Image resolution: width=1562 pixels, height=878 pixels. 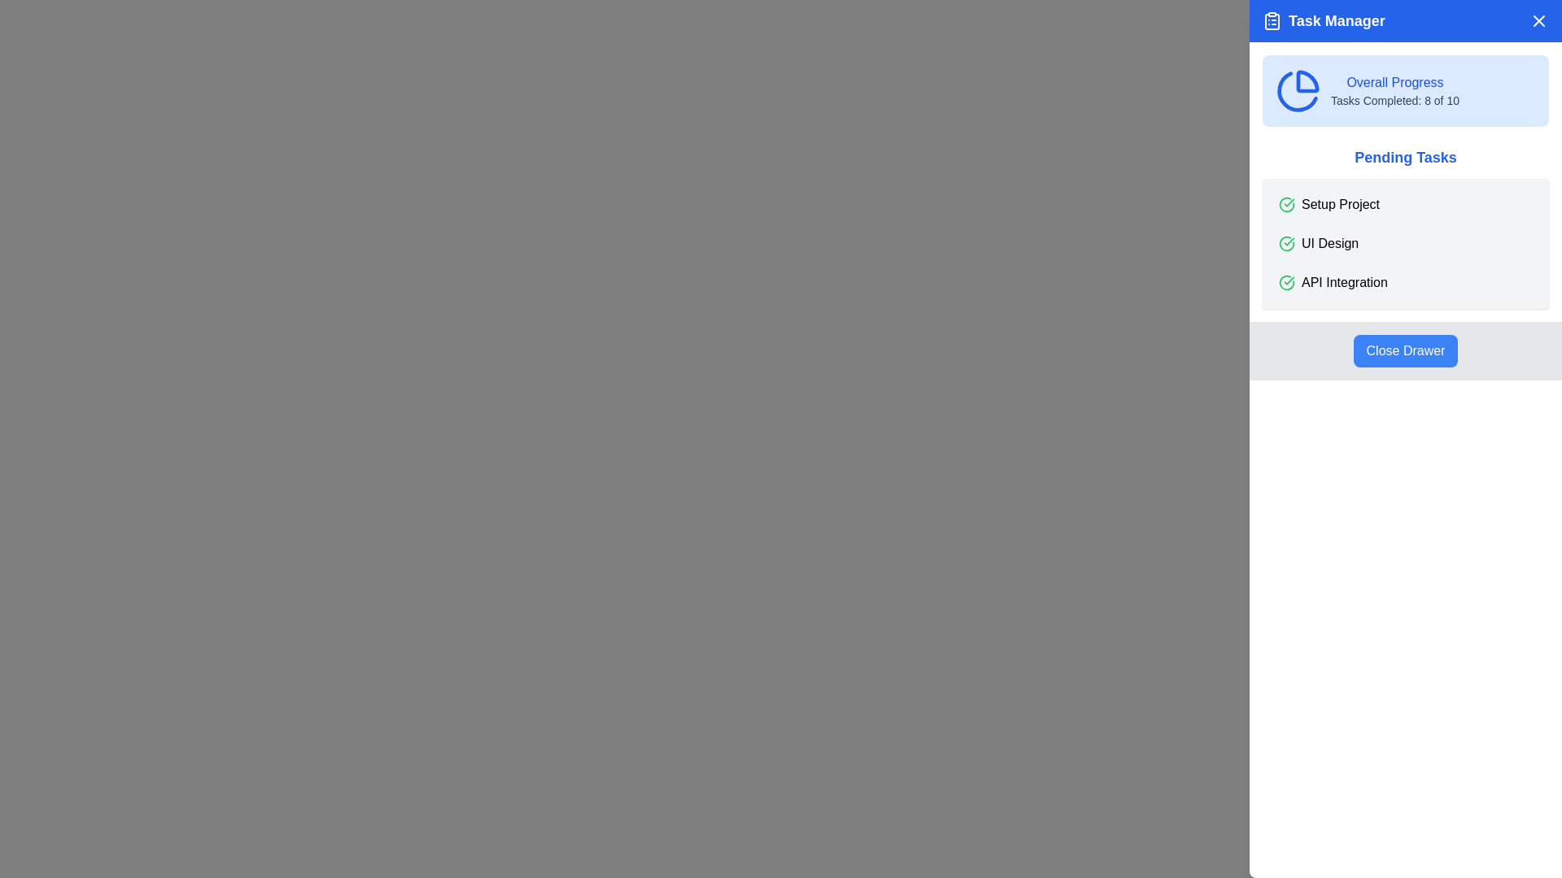 What do you see at coordinates (1286, 244) in the screenshot?
I see `the circular green-bordered icon with a checkmark inside it, representing task completion, located to the left of the 'UI Design' text in the 'Pending Tasks' section of the Task Manager` at bounding box center [1286, 244].